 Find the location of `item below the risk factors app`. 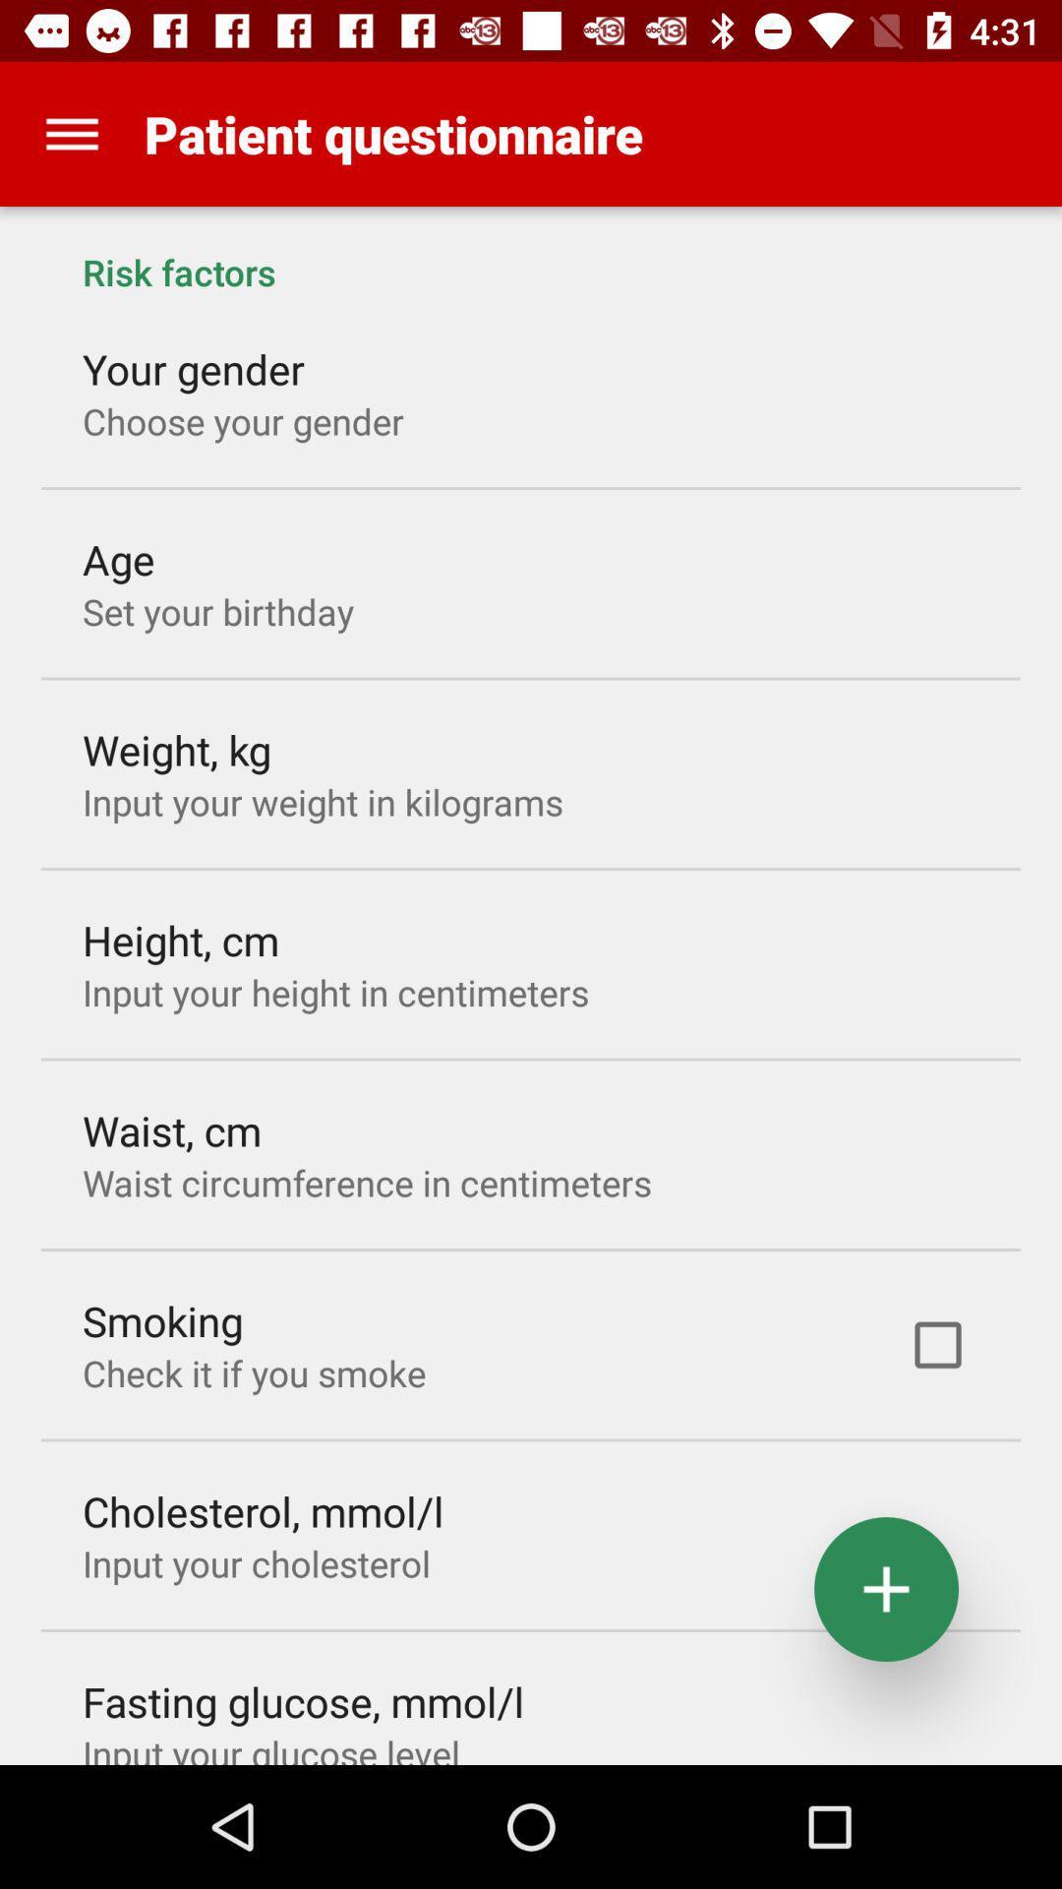

item below the risk factors app is located at coordinates (936, 1344).